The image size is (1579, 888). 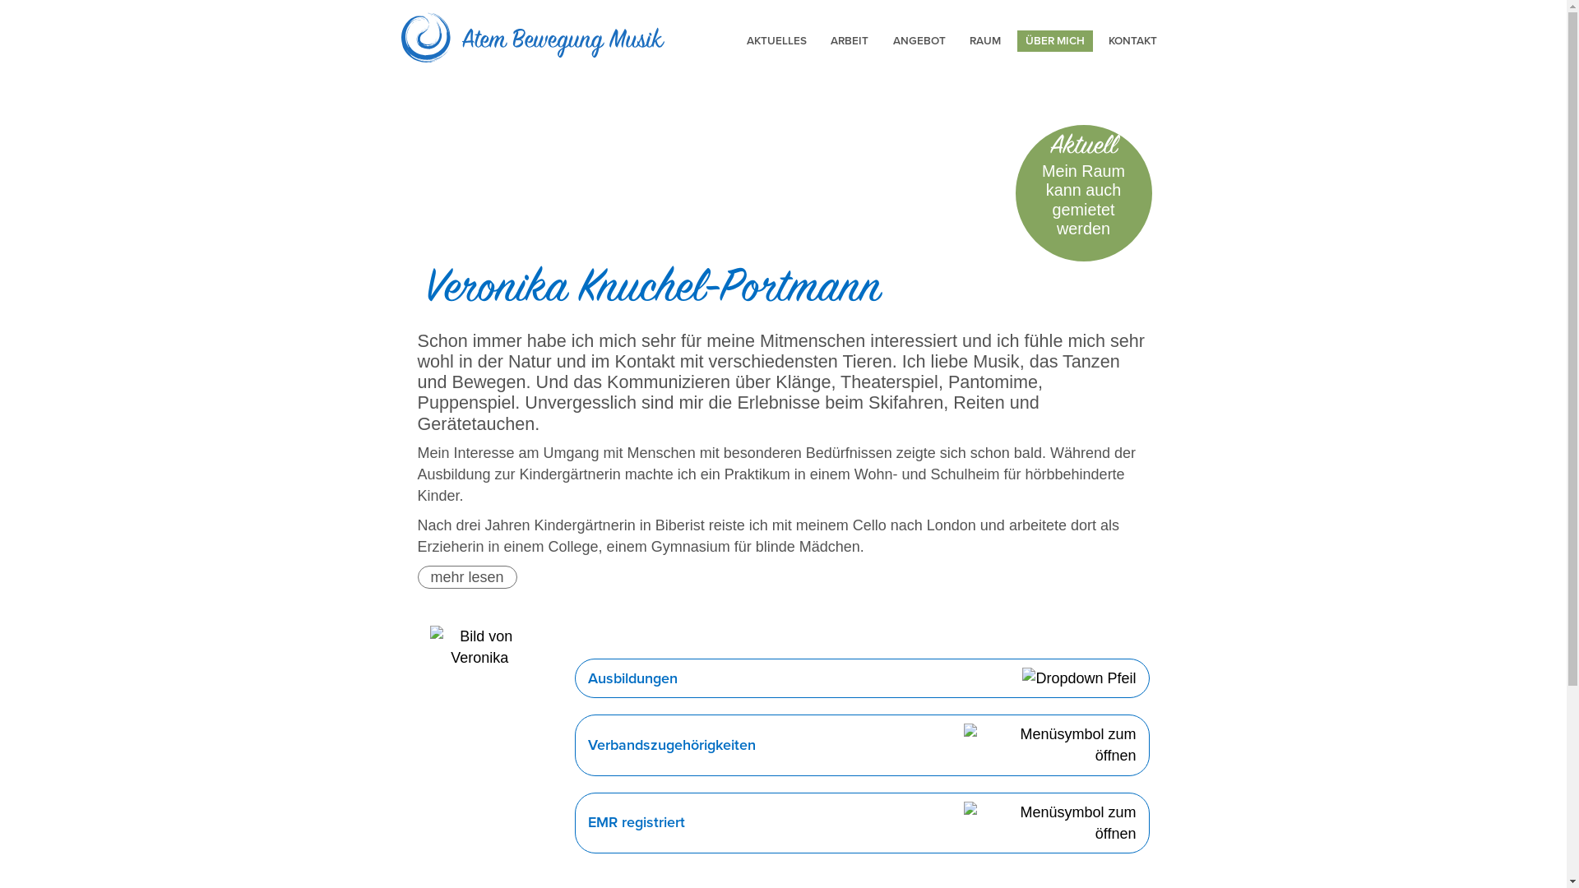 What do you see at coordinates (466, 576) in the screenshot?
I see `'mehr lesen'` at bounding box center [466, 576].